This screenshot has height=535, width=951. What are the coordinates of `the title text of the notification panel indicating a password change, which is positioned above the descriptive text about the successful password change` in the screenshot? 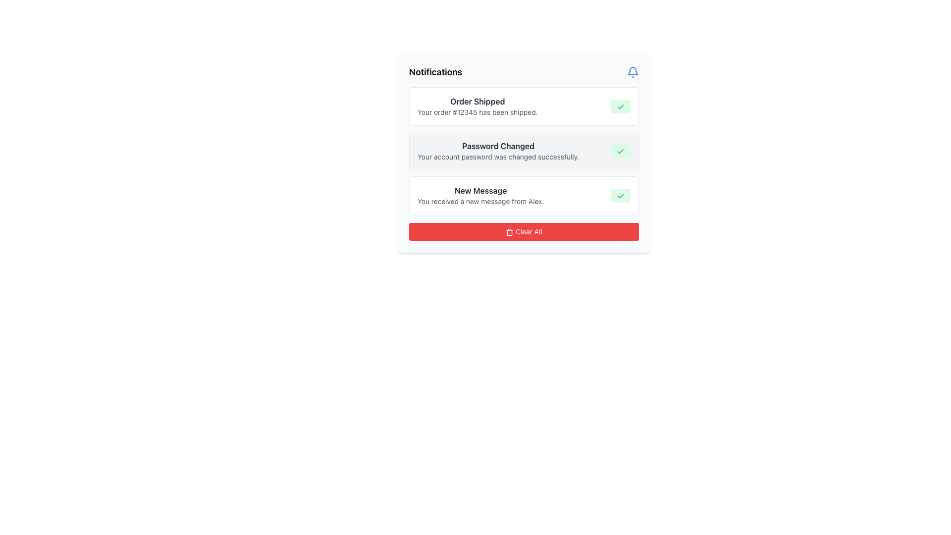 It's located at (498, 146).